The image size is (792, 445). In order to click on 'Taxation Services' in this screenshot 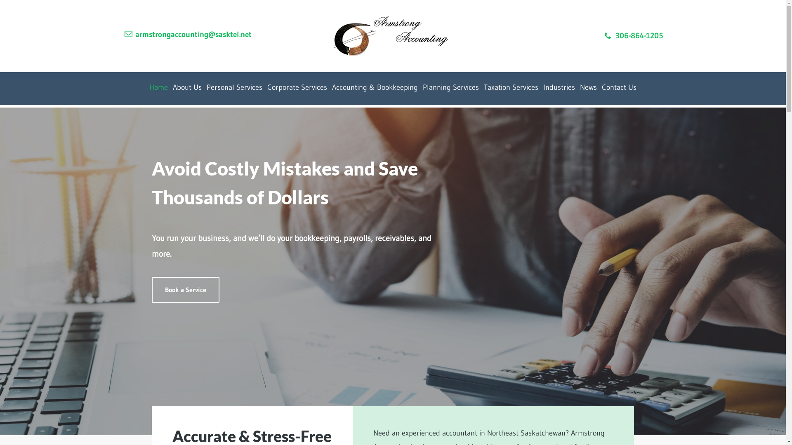, I will do `click(510, 87)`.